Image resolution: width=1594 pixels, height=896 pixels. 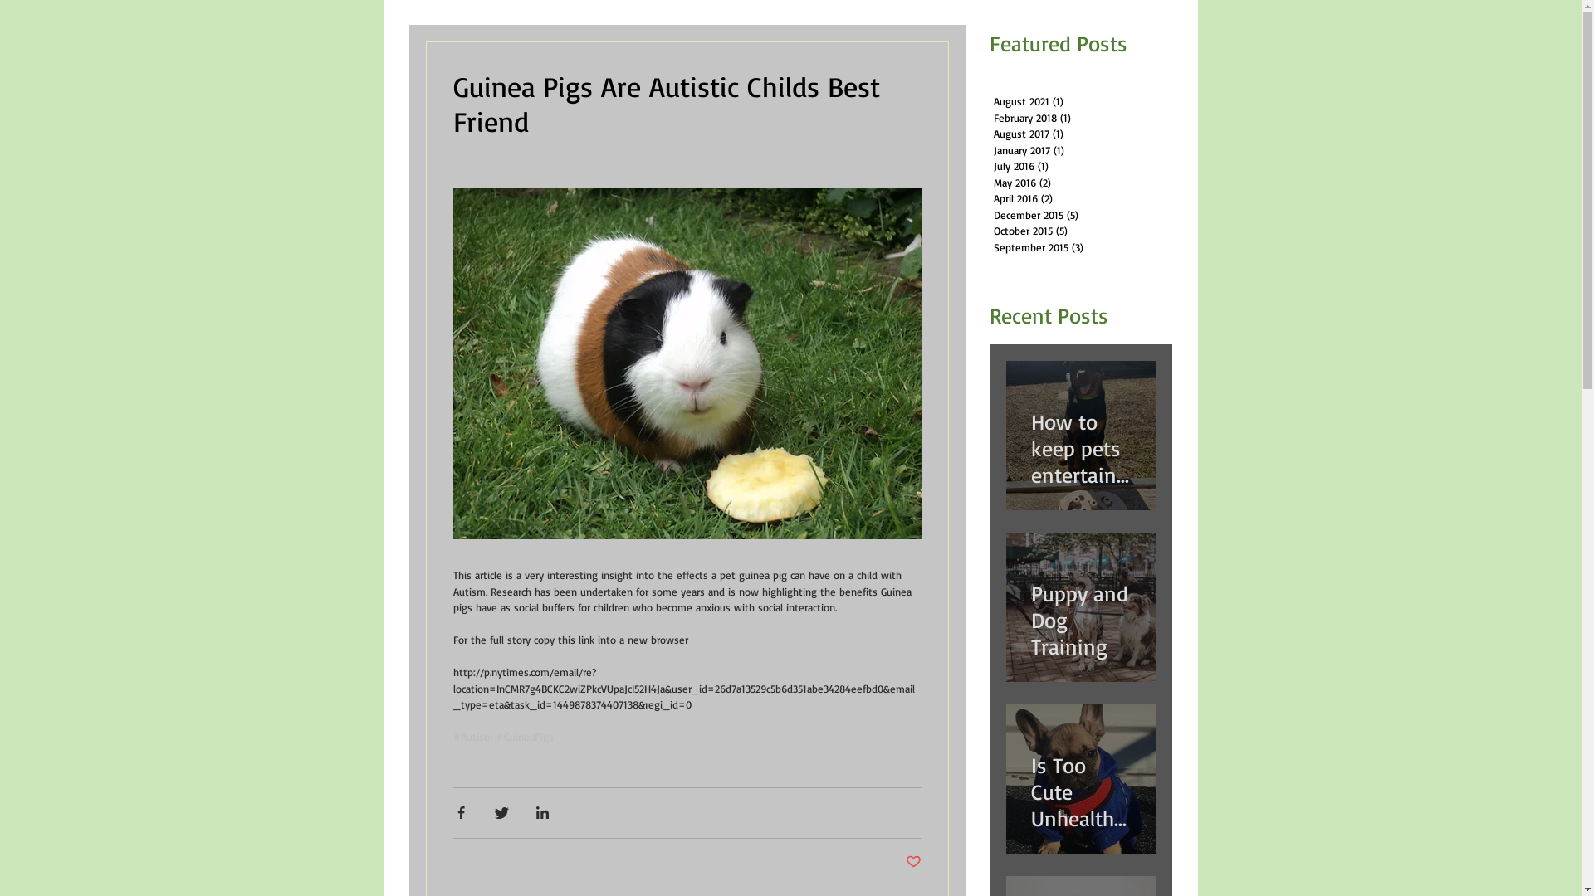 What do you see at coordinates (1030, 784) in the screenshot?
I see `'Is Too Cute Unhealthy?'` at bounding box center [1030, 784].